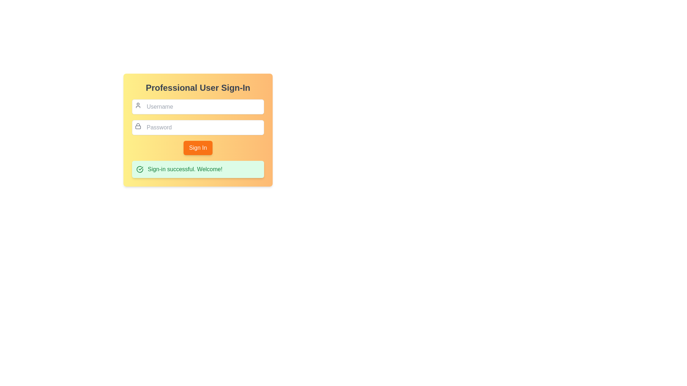 This screenshot has height=386, width=687. I want to click on the sign-in interface card, so click(198, 130).